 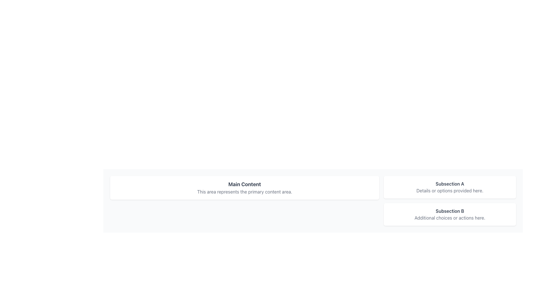 What do you see at coordinates (245, 192) in the screenshot?
I see `the text component that reads 'This area represents the primary content area', which is styled in light gray and located directly beneath the 'Main Content' heading` at bounding box center [245, 192].